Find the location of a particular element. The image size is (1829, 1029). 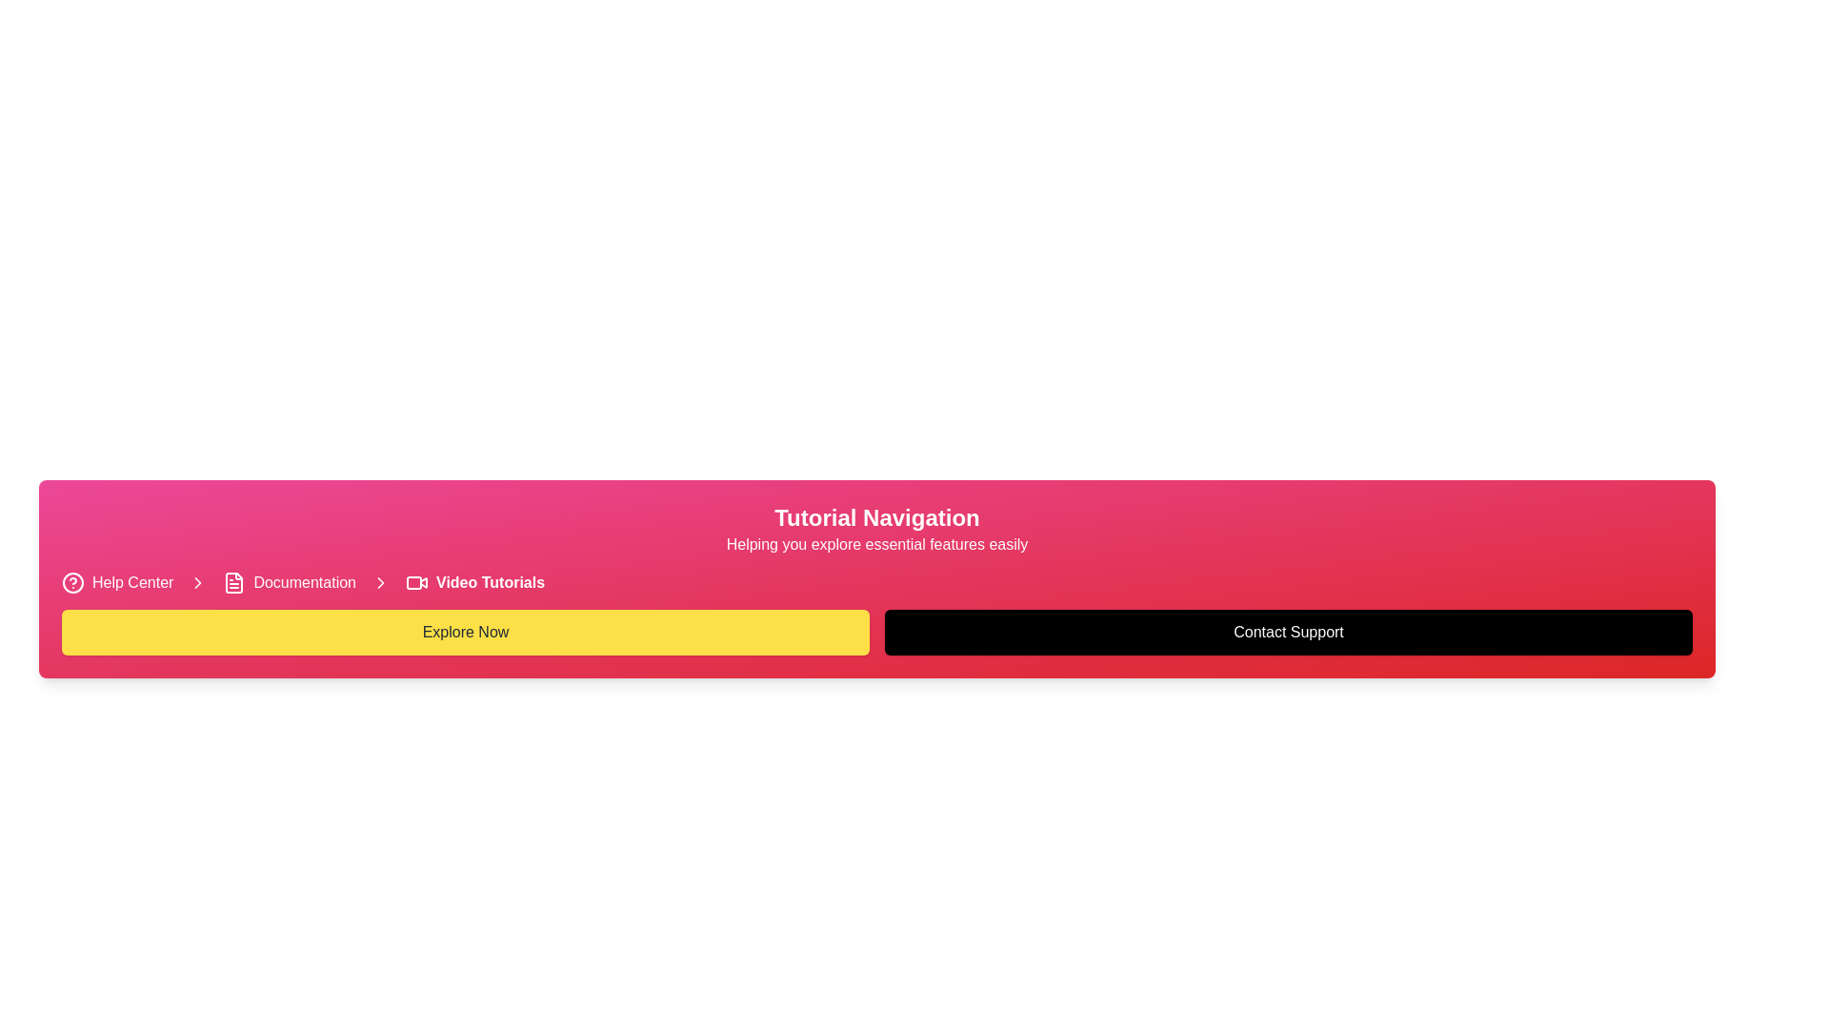

the Text header with subtitle that includes 'Tutorial Navigation' and 'Helping you explore essential features easily', which is styled in bold and medium weight fonts and is centered against a vibrant pink-to-red gradient background is located at coordinates (876, 529).